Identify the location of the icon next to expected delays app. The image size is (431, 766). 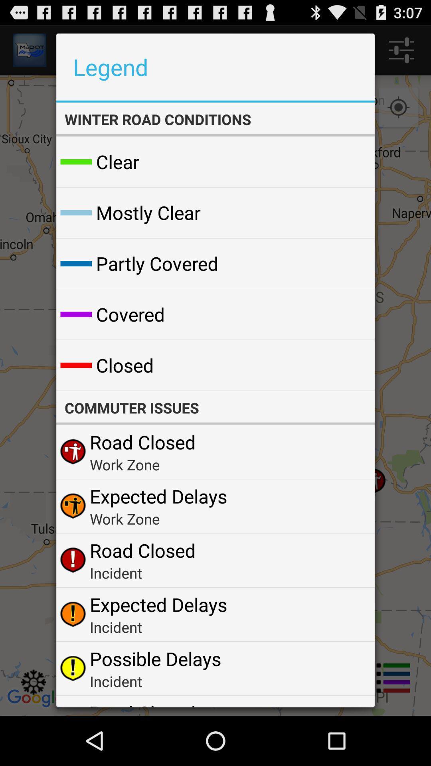
(349, 614).